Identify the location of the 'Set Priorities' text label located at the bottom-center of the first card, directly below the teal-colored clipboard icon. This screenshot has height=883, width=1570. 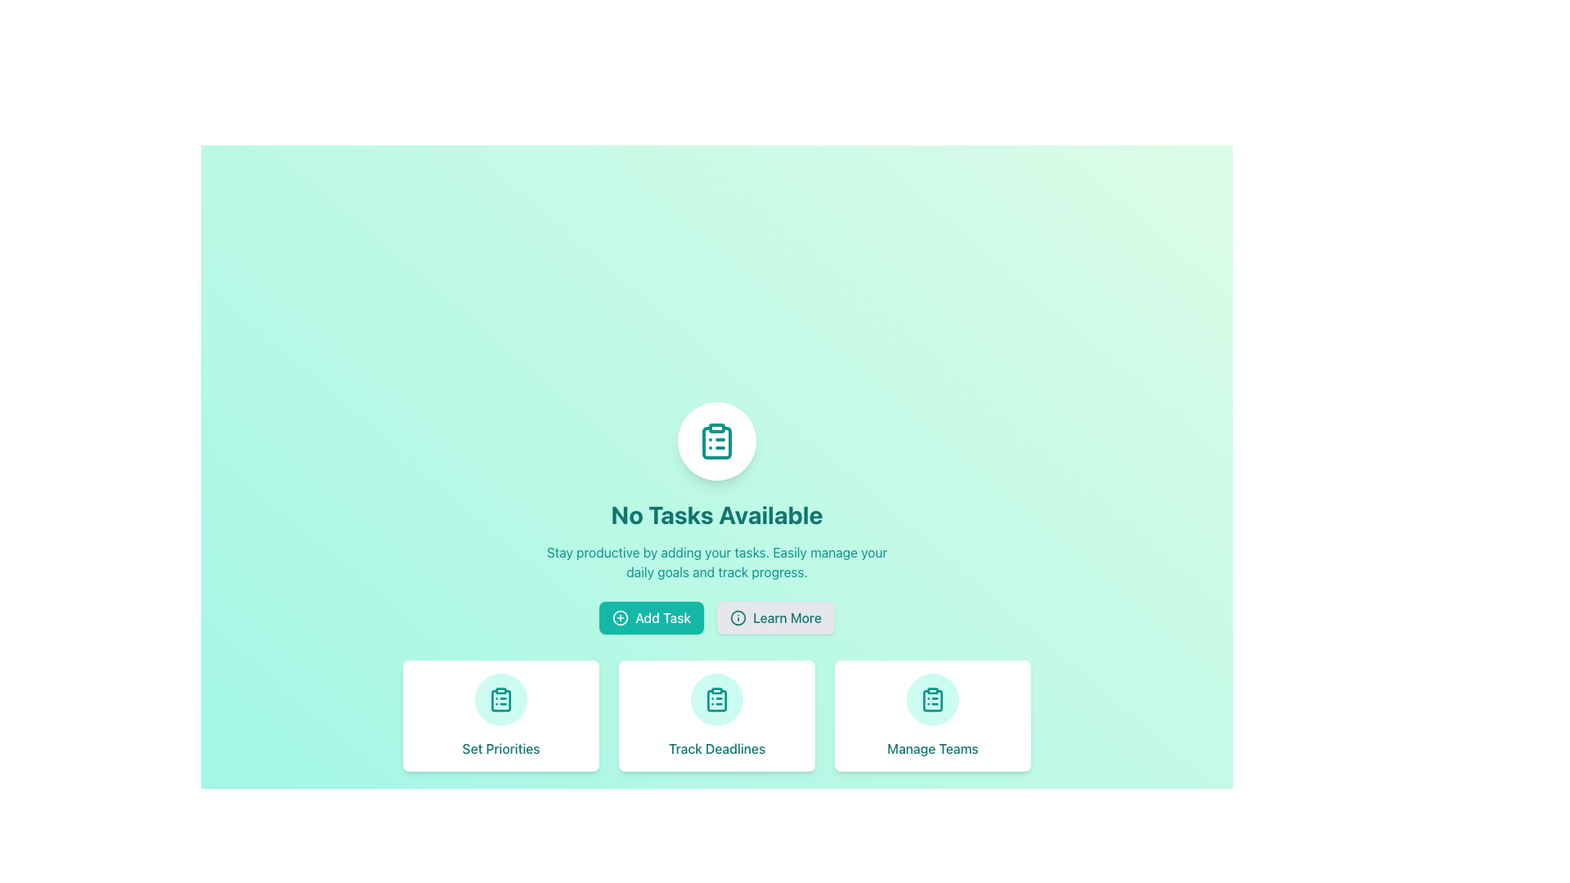
(500, 748).